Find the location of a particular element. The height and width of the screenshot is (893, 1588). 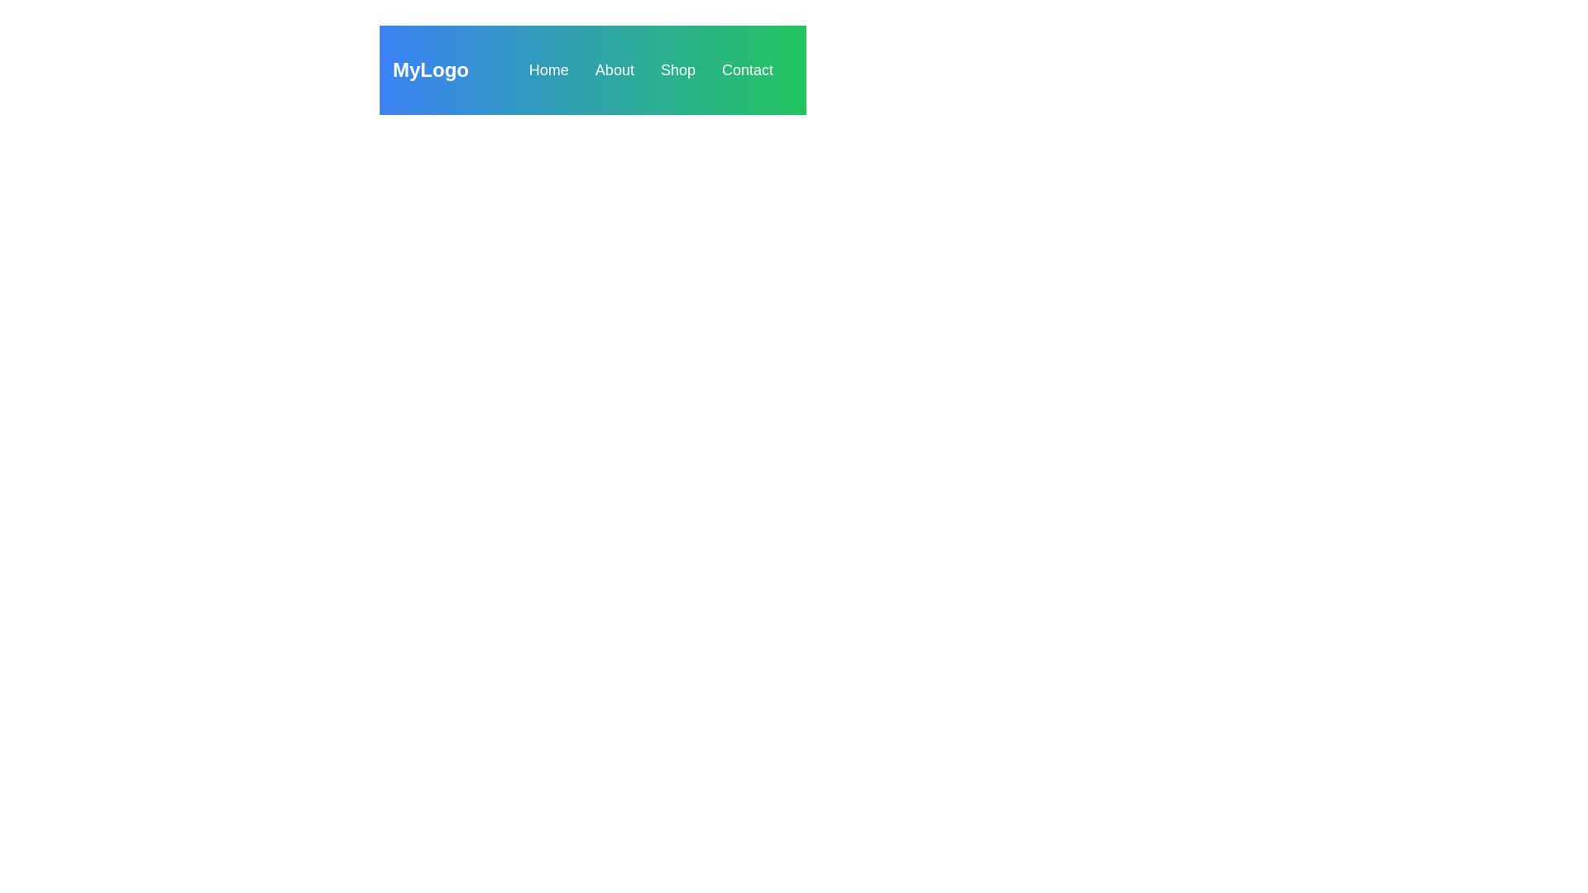

the 'About' hyperlink element located in the navigation bar to observe a style change, positioned between 'Home' and 'Shop' is located at coordinates (614, 69).